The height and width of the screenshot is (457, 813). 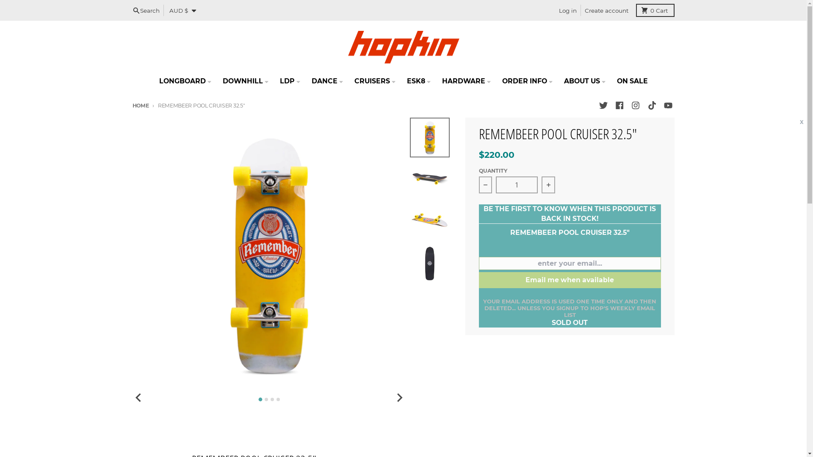 I want to click on 'X', so click(x=801, y=122).